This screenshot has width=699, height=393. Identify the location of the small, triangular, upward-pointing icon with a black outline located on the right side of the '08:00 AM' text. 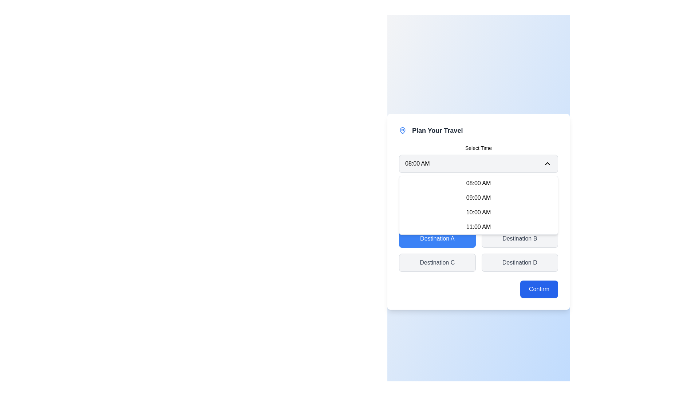
(547, 164).